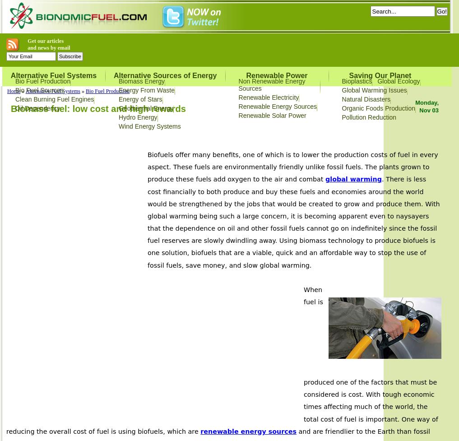 The image size is (459, 441). I want to click on 'Saving Our Planet', so click(379, 75).